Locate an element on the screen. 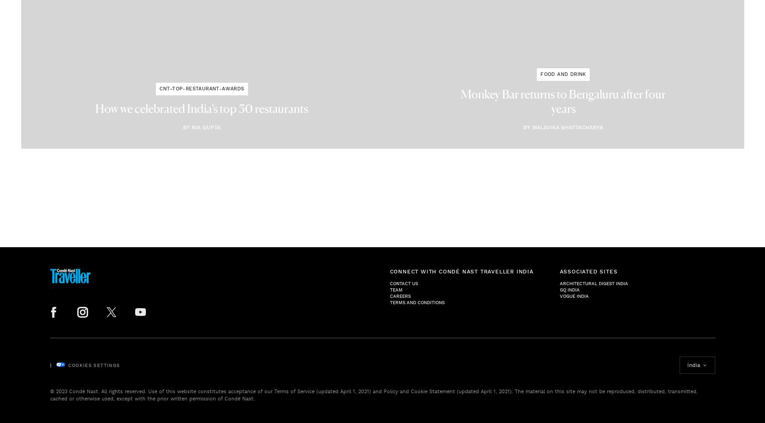 This screenshot has width=765, height=423. 'India' is located at coordinates (693, 364).